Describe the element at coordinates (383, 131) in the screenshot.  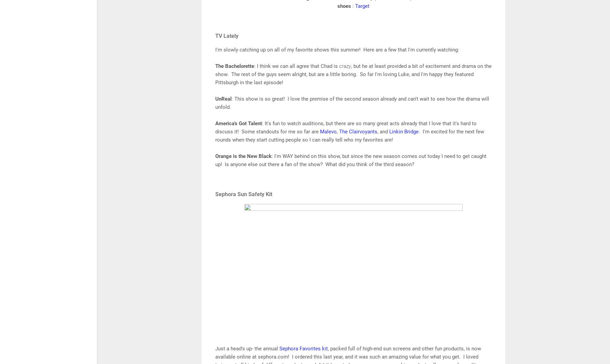
I see `', and'` at that location.